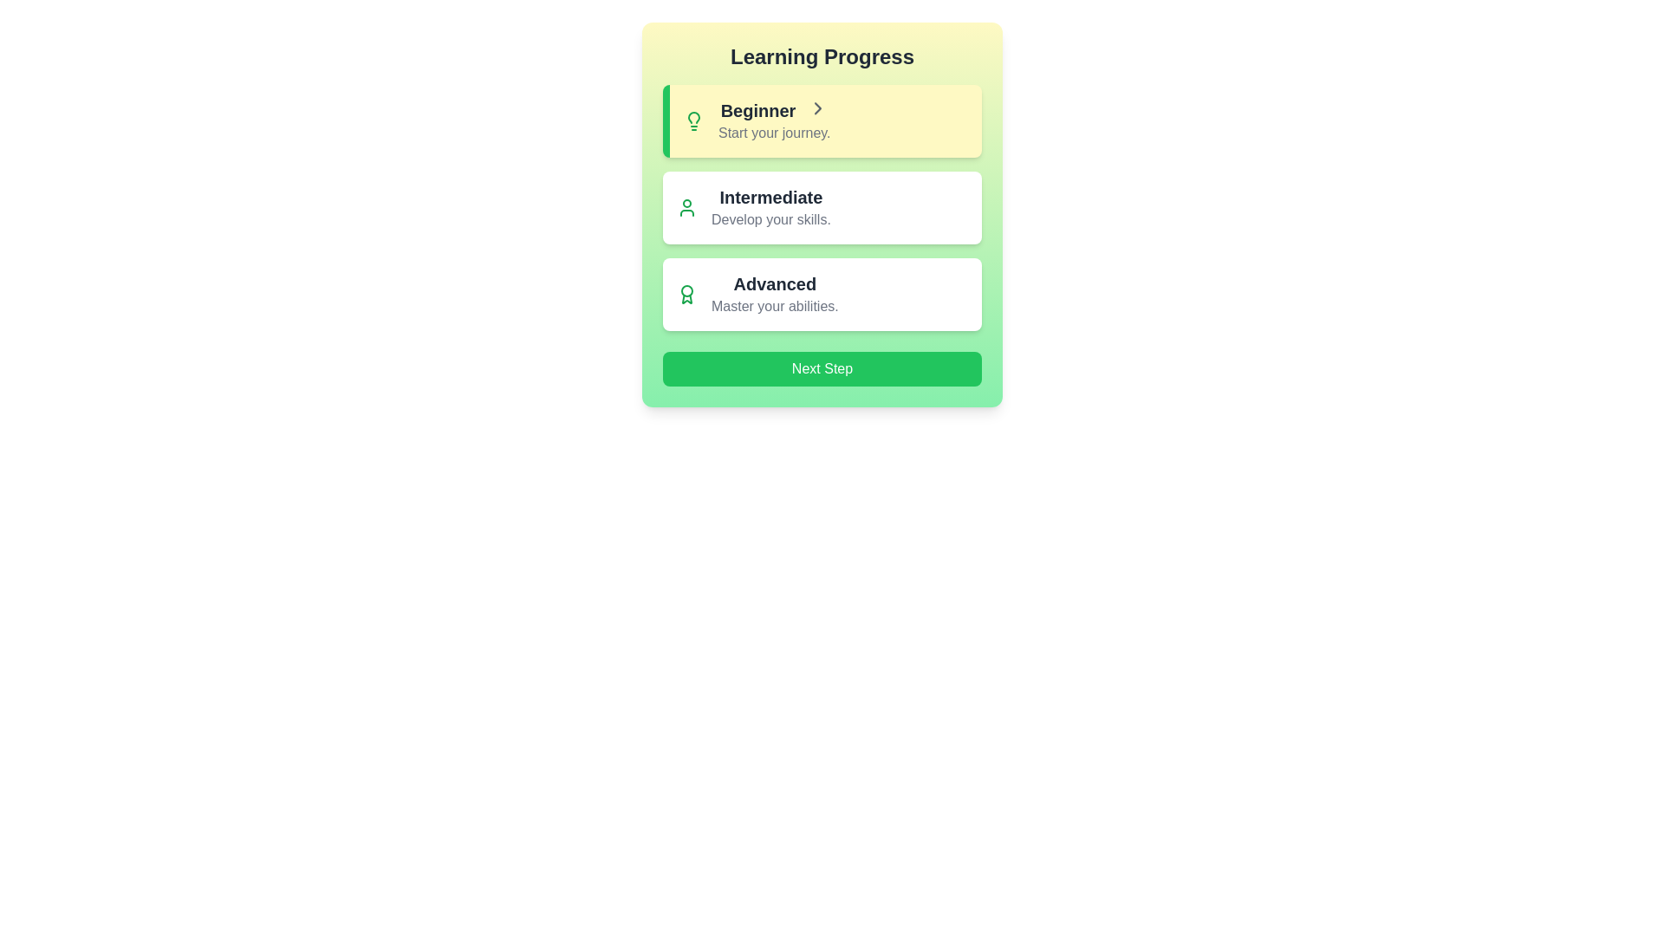  Describe the element at coordinates (774, 306) in the screenshot. I see `the static text element that displays 'Master your abilities.' located below the 'Advanced' heading in the Learning Progress card` at that location.